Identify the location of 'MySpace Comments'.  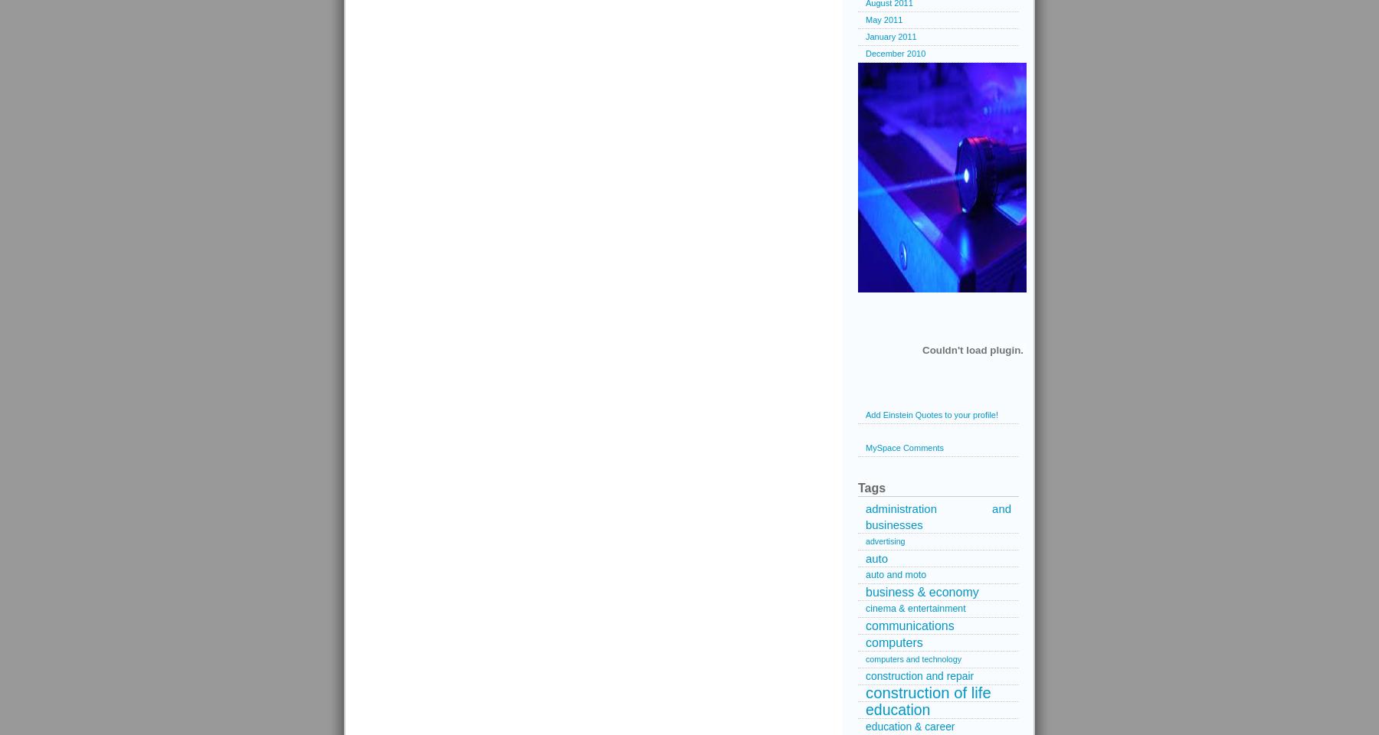
(903, 448).